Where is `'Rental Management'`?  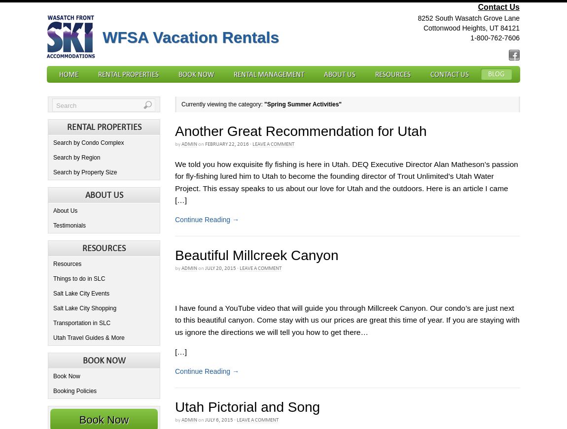 'Rental Management' is located at coordinates (269, 74).